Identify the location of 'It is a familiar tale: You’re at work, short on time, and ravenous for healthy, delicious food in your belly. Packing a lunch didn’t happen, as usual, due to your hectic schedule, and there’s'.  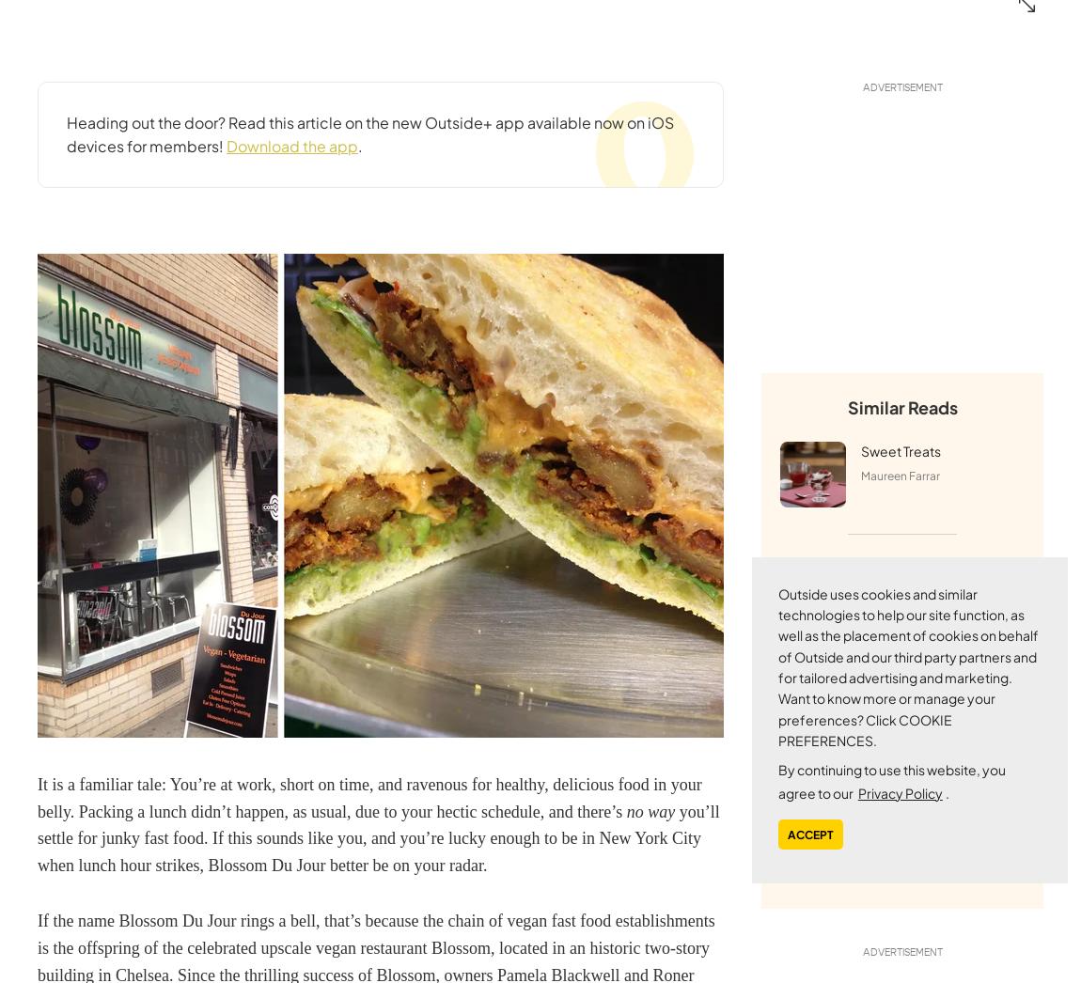
(368, 796).